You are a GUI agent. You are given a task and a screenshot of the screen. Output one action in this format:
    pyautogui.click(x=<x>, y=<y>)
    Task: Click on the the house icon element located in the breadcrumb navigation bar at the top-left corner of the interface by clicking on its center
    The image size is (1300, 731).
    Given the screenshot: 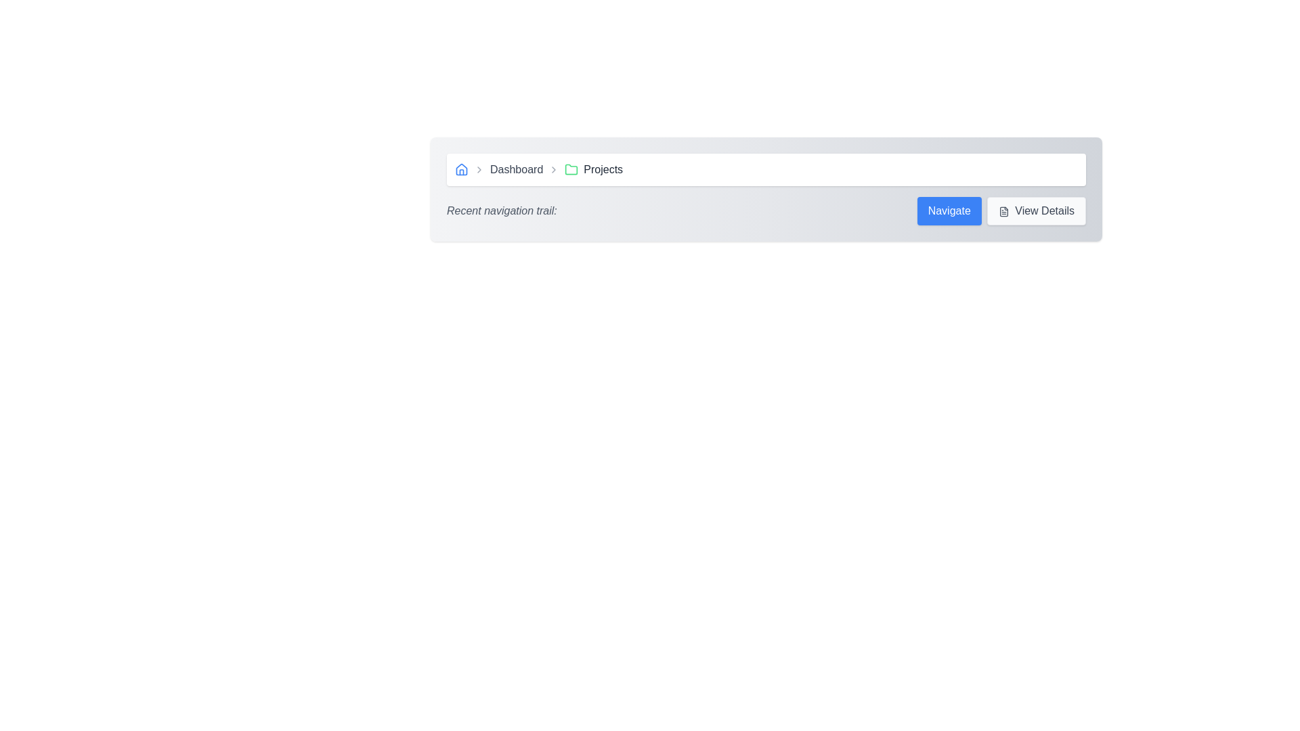 What is the action you would take?
    pyautogui.click(x=461, y=169)
    